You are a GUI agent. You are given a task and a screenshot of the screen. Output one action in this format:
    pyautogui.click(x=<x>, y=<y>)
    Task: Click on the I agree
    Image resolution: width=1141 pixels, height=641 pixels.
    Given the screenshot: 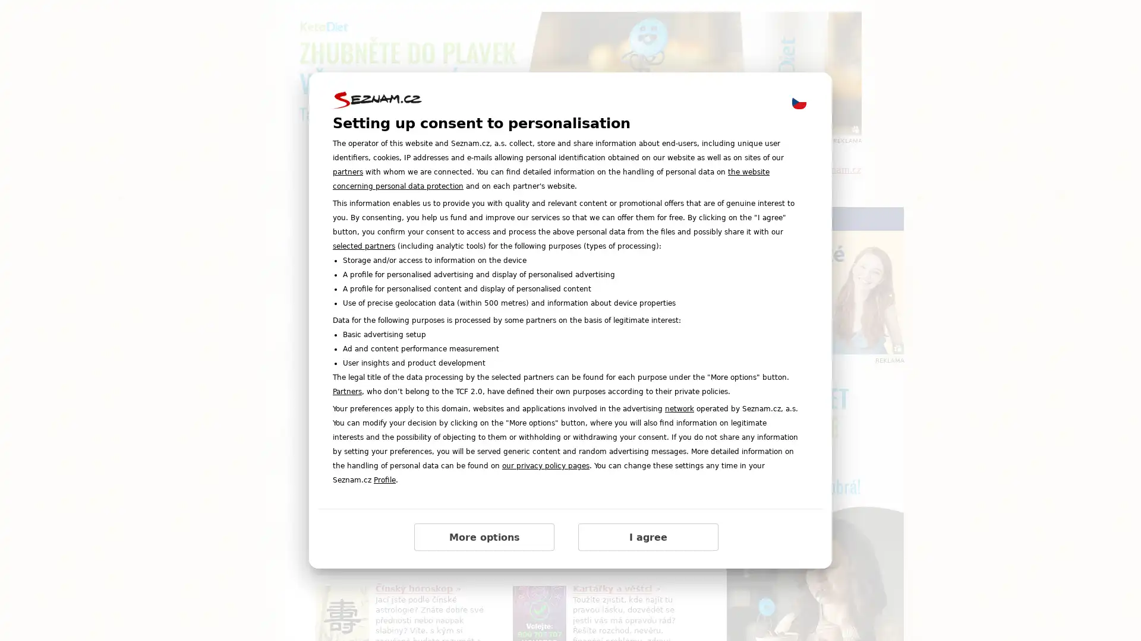 What is the action you would take?
    pyautogui.click(x=647, y=537)
    